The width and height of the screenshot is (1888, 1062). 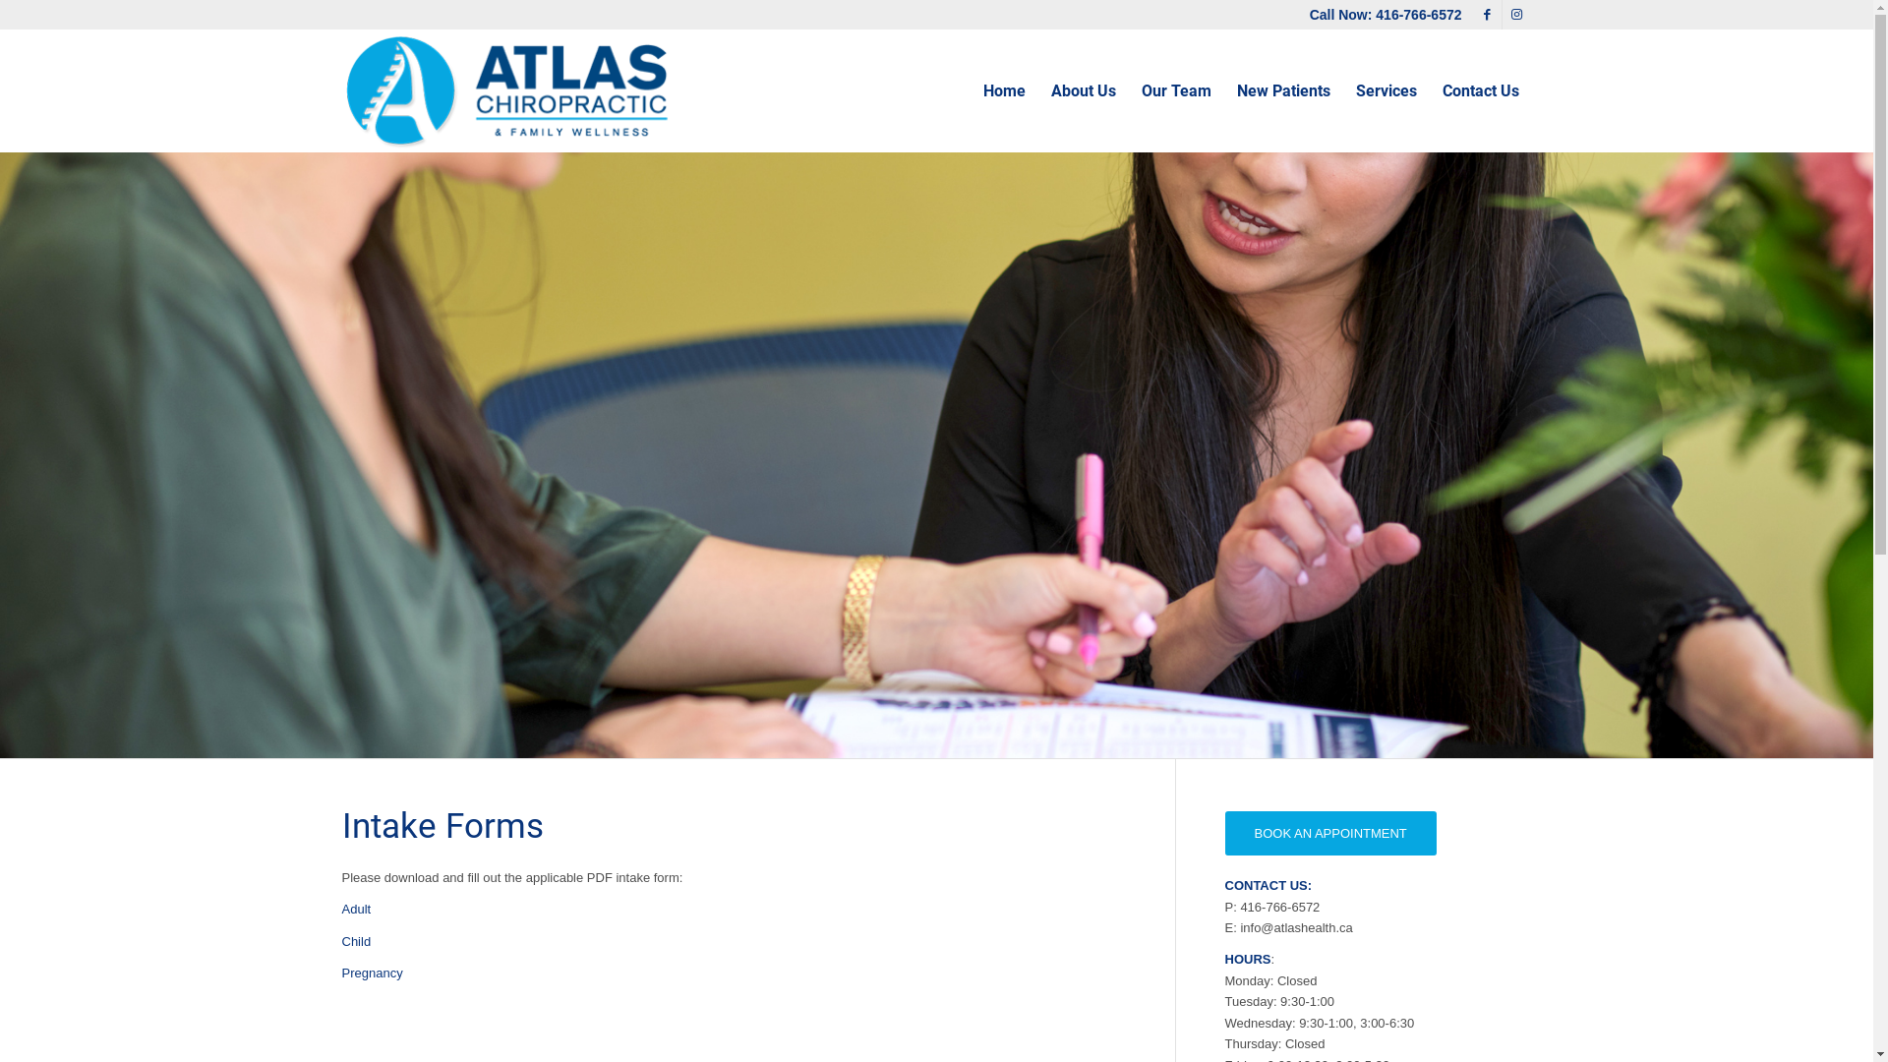 I want to click on 'Home', so click(x=1003, y=90).